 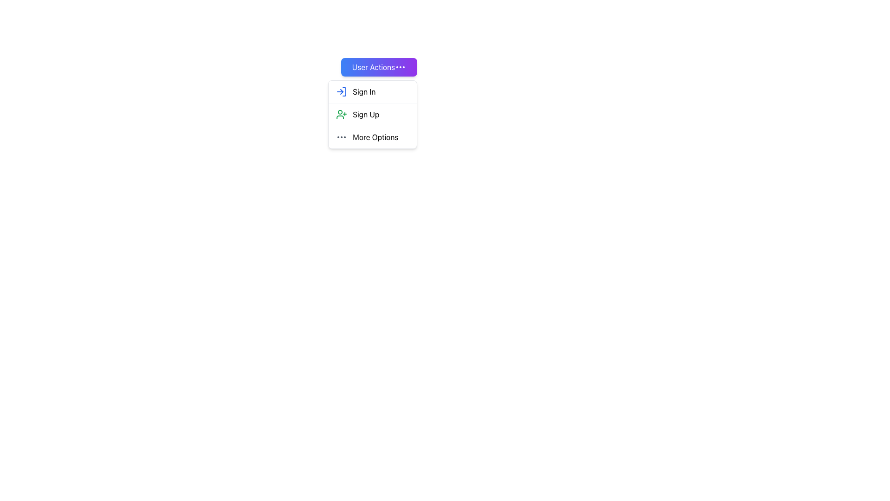 What do you see at coordinates (365, 114) in the screenshot?
I see `the 'Sign Up' text label located in the 'User Actions' menu, which is the second item in the vertical list` at bounding box center [365, 114].